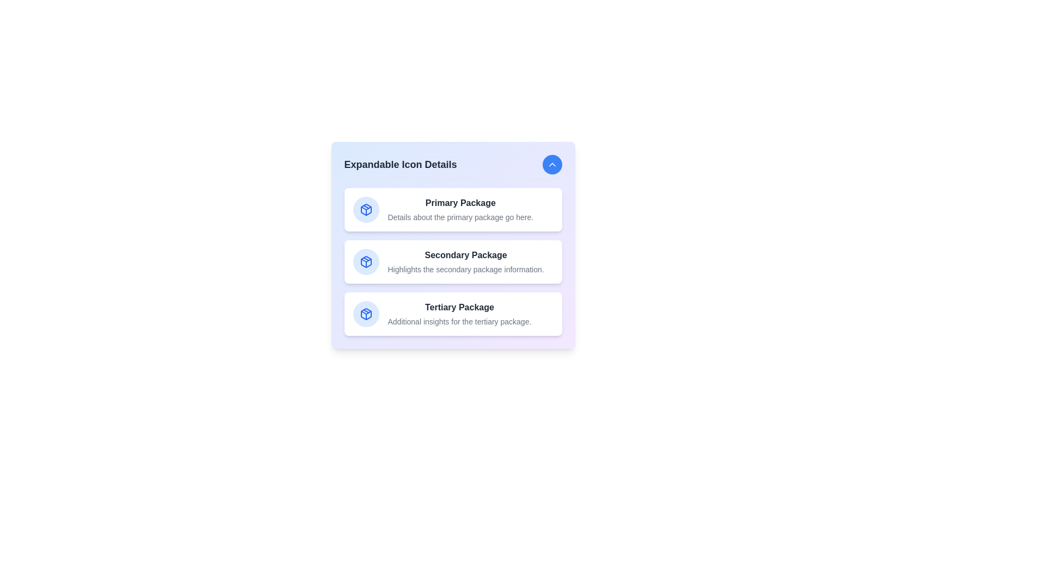 The width and height of the screenshot is (1045, 587). Describe the element at coordinates (366, 209) in the screenshot. I see `the visual details of the 'Primary Package' icon located in the top-left corner of the 'Primary Package' section, centered within a circle` at that location.